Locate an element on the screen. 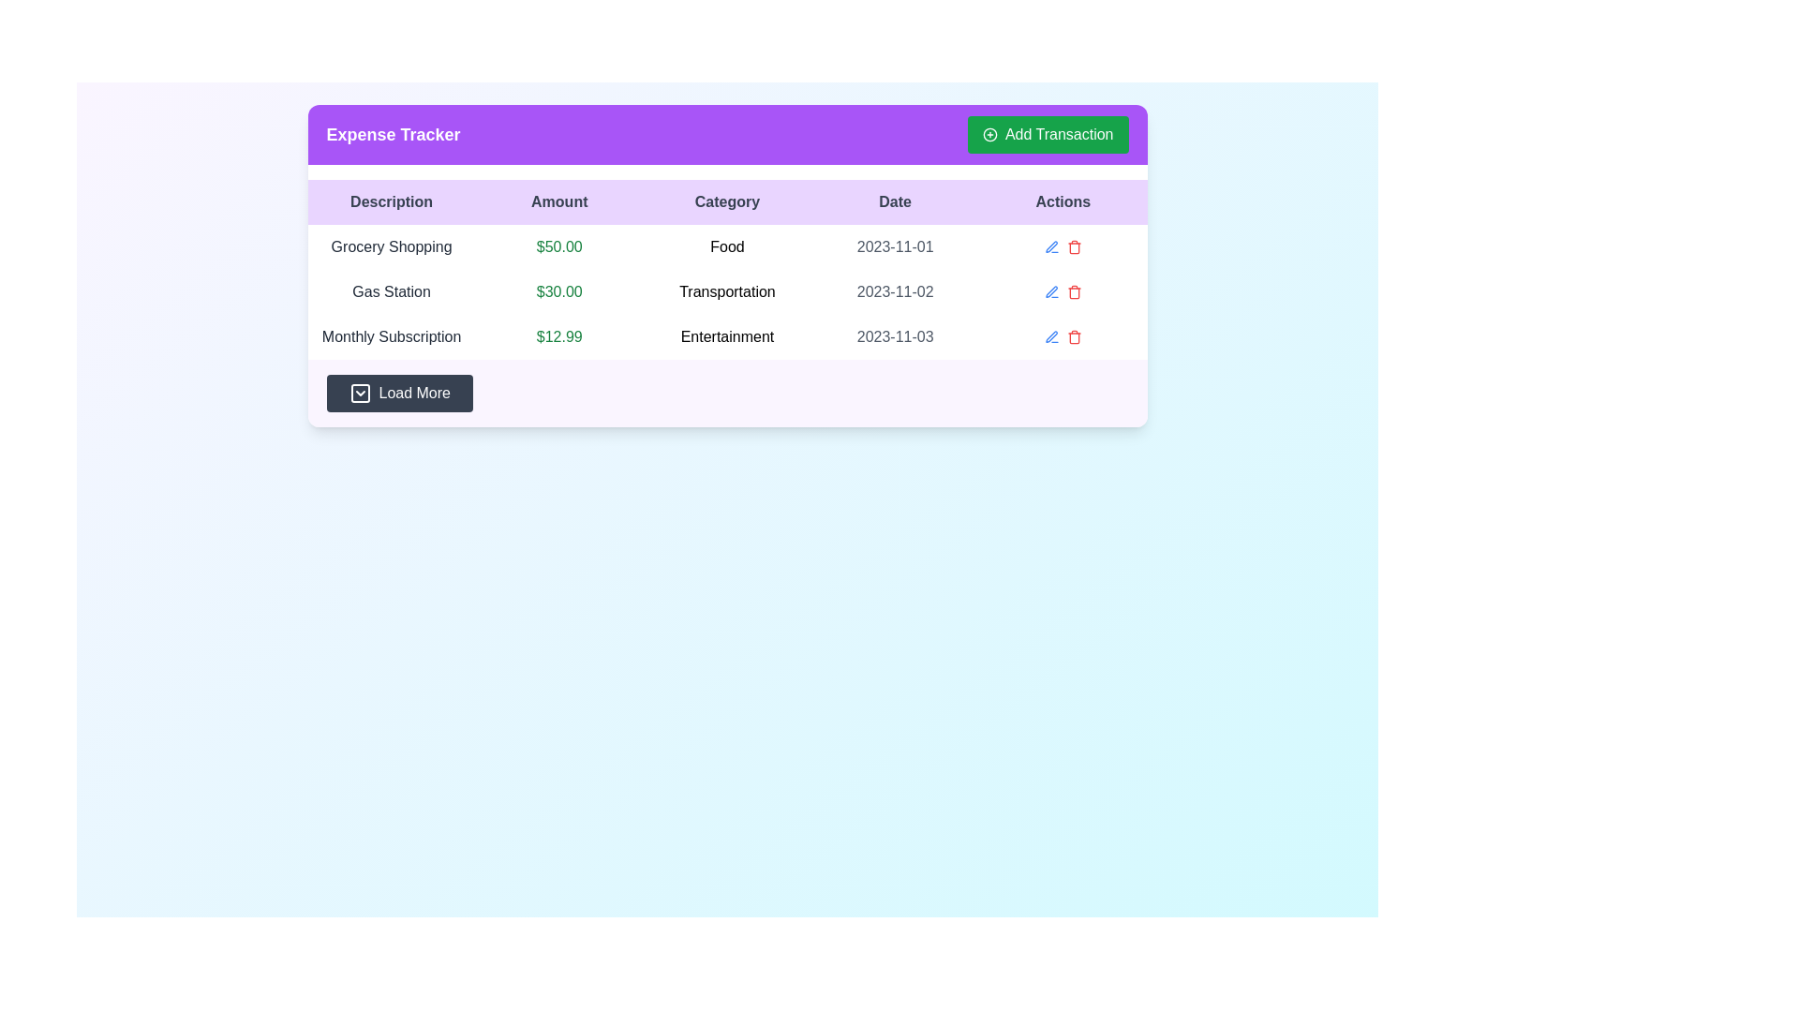 This screenshot has width=1799, height=1012. the delete button represented by a red trash can icon, which is the second action icon in the 'Actions' column of the second table entry in the 'Expense Tracker' interface is located at coordinates (1074, 246).